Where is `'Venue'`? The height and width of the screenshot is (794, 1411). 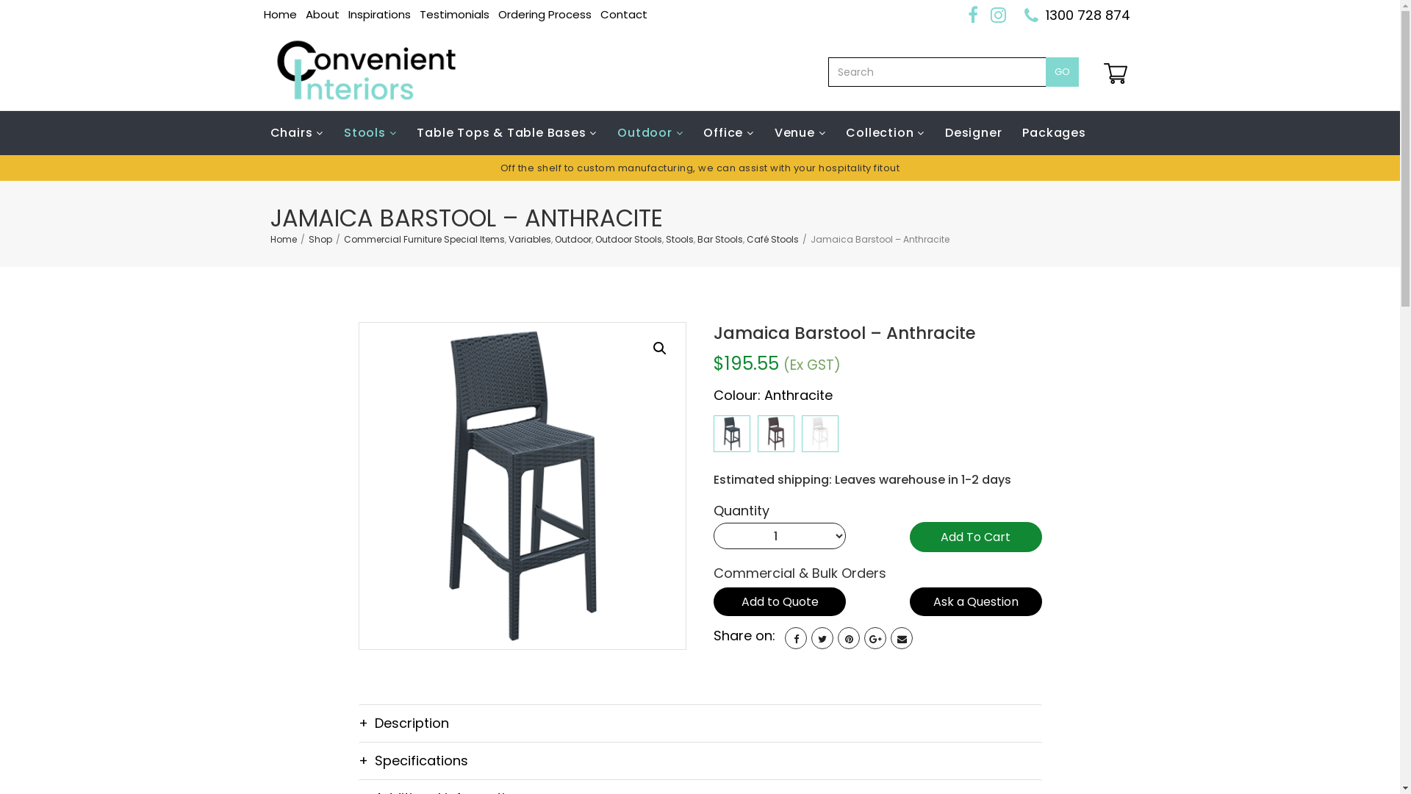
'Venue' is located at coordinates (800, 133).